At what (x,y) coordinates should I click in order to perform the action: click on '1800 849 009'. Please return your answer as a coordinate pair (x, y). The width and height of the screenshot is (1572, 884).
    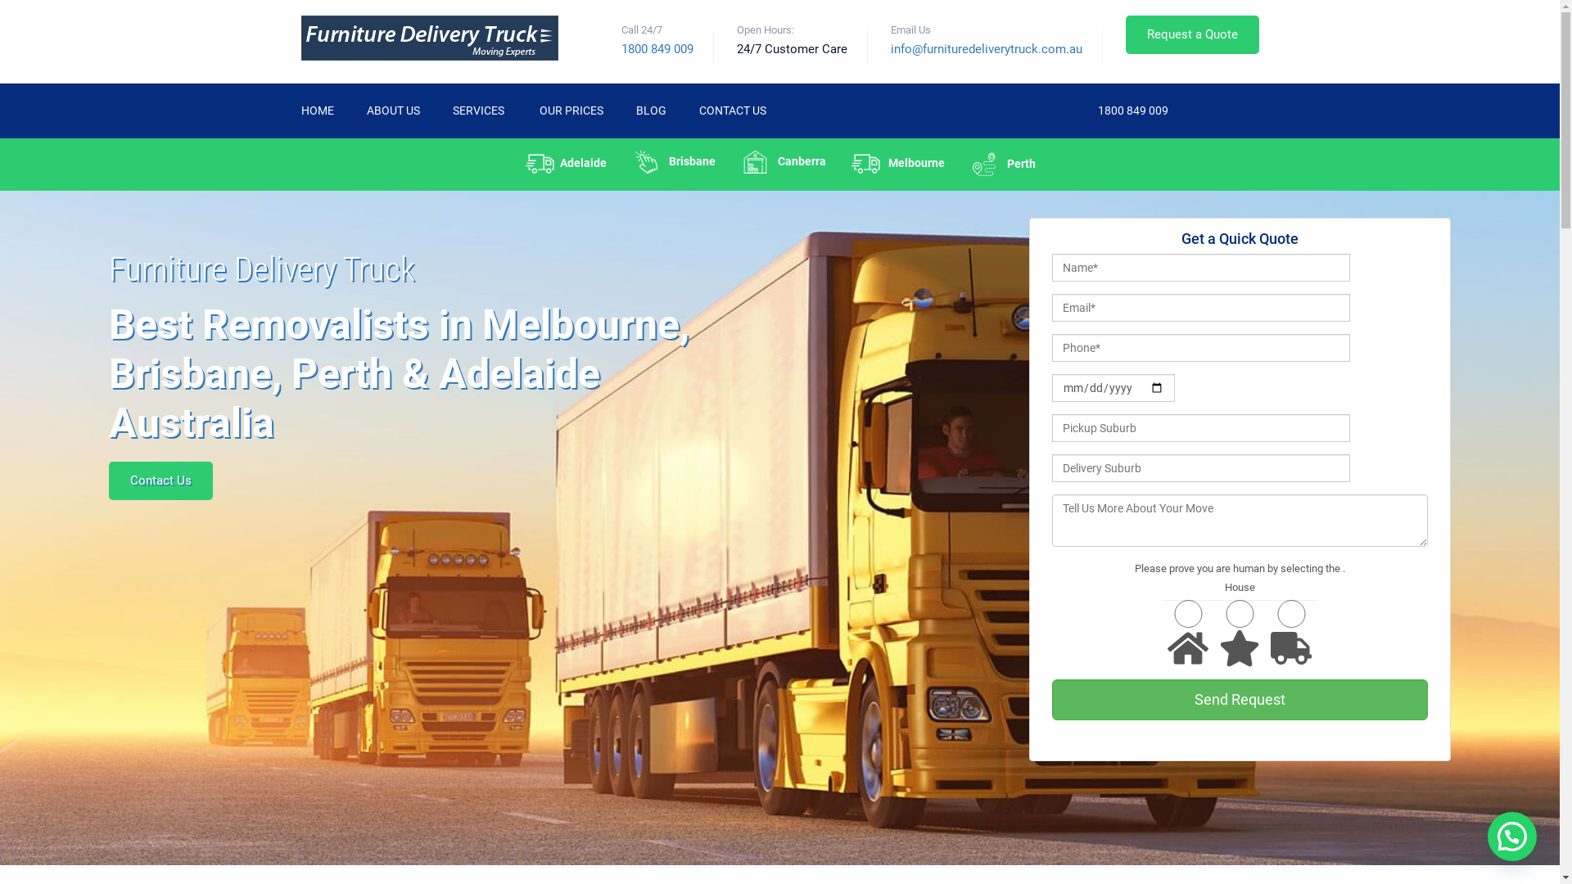
    Looking at the image, I should click on (1131, 110).